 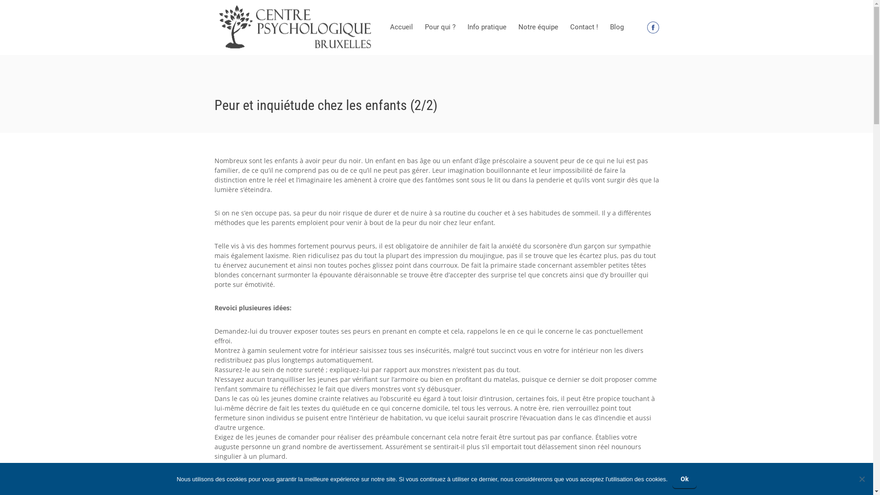 What do you see at coordinates (616, 27) in the screenshot?
I see `'Blog'` at bounding box center [616, 27].